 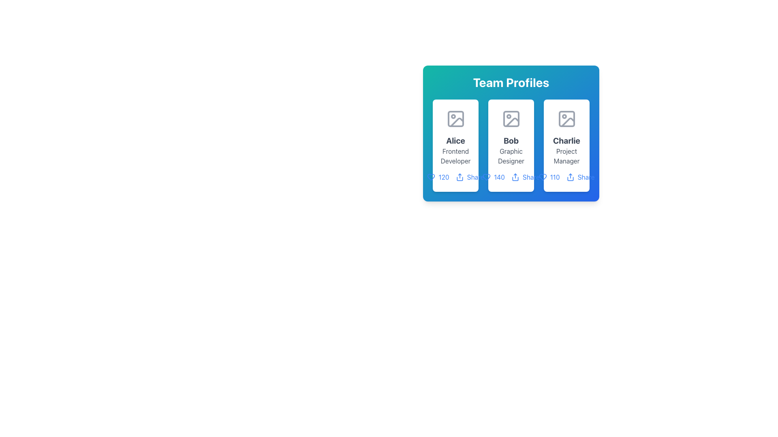 What do you see at coordinates (493, 177) in the screenshot?
I see `the like count indicator located directly under the profile labeled 'Bob' in the middle card of the section` at bounding box center [493, 177].